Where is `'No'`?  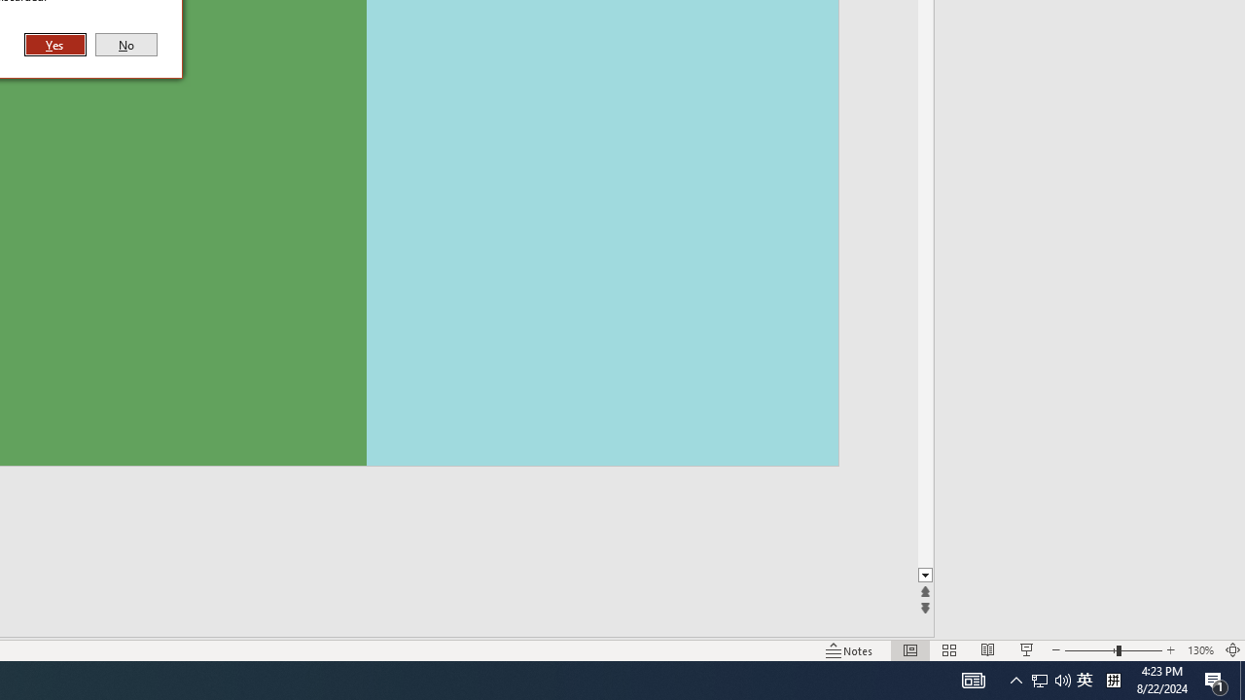
'No' is located at coordinates (125, 44).